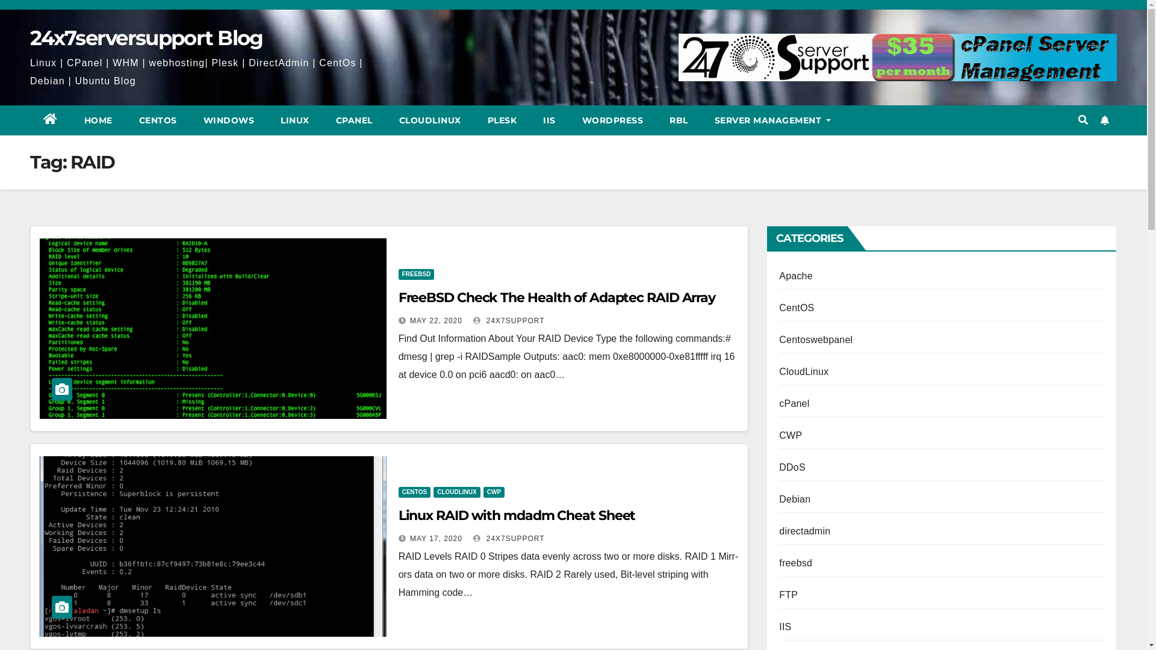 The width and height of the screenshot is (1156, 650). I want to click on 'WINDOWS', so click(229, 120).